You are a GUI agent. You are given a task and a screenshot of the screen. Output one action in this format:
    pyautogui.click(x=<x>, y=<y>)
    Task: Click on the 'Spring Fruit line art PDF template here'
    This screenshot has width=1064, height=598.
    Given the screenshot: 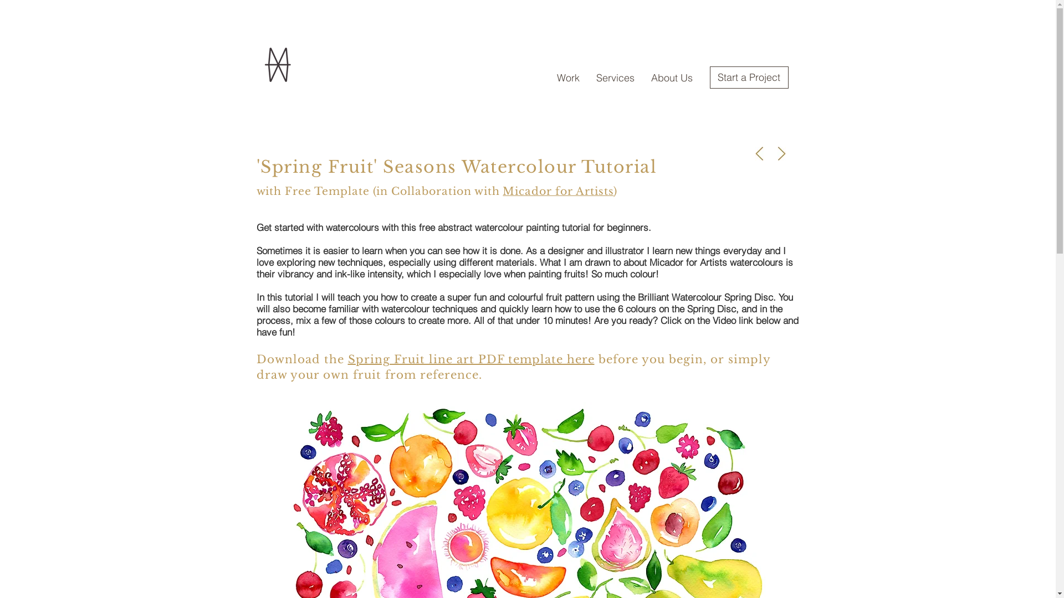 What is the action you would take?
    pyautogui.click(x=471, y=359)
    